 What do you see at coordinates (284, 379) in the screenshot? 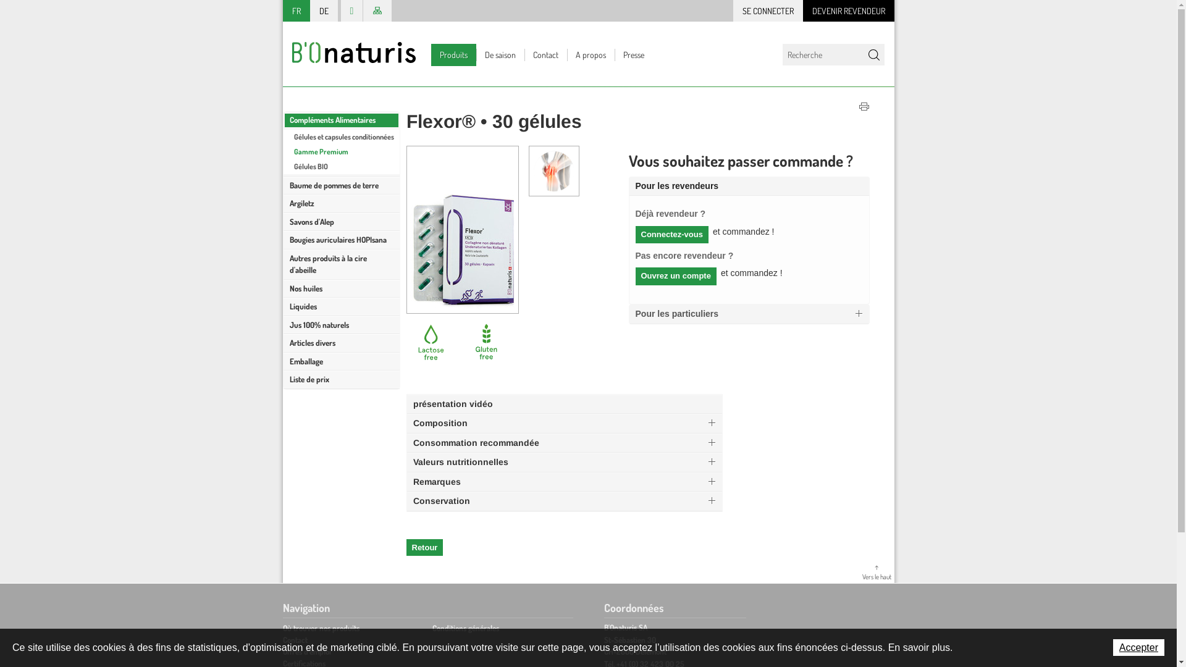
I see `'Liste de prix'` at bounding box center [284, 379].